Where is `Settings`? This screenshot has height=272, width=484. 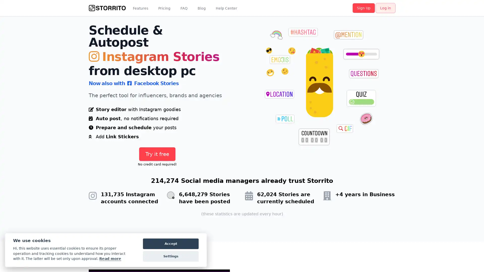
Settings is located at coordinates (171, 256).